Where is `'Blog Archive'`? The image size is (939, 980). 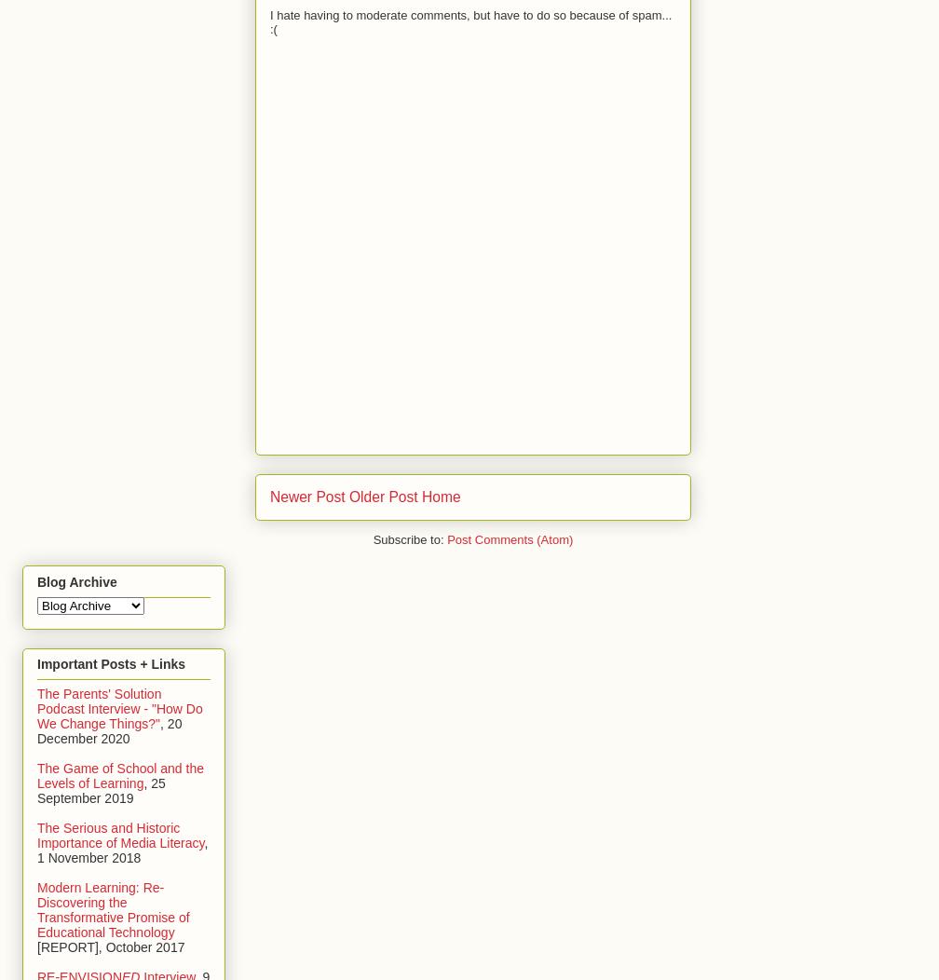
'Blog Archive' is located at coordinates (76, 581).